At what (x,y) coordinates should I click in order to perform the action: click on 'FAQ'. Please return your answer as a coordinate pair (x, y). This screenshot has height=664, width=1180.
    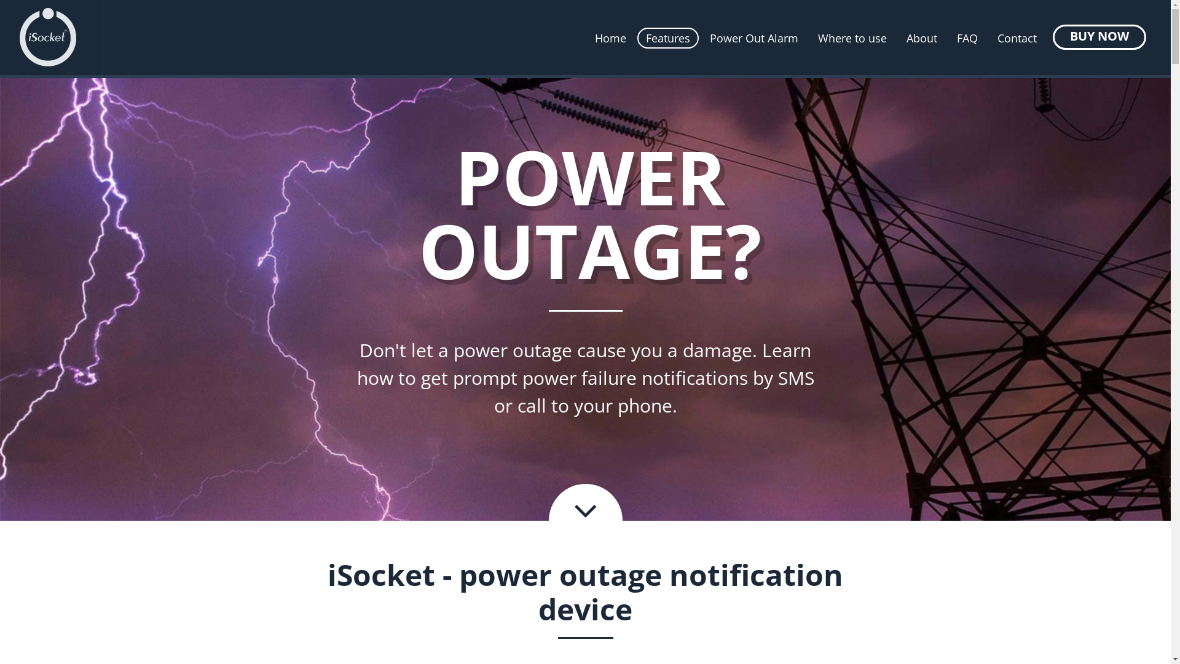
    Looking at the image, I should click on (967, 37).